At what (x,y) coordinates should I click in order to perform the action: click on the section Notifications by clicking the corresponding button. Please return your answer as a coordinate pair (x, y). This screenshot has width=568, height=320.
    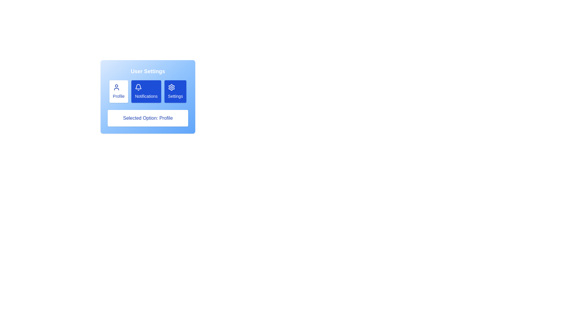
    Looking at the image, I should click on (146, 91).